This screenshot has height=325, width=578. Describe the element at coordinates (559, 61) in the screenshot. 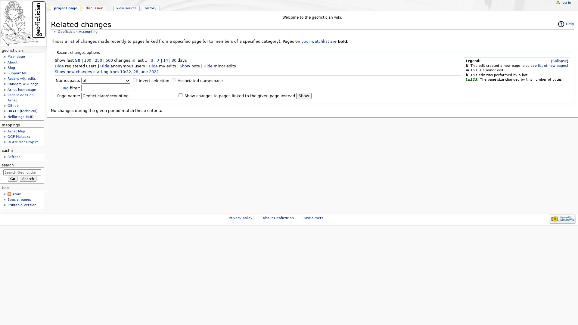

I see `[Collapse]` at that location.